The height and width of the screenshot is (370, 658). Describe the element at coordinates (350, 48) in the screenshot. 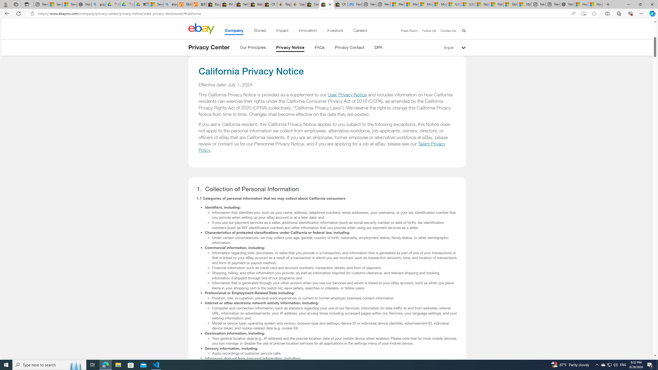

I see `'Privacy Contact'` at that location.